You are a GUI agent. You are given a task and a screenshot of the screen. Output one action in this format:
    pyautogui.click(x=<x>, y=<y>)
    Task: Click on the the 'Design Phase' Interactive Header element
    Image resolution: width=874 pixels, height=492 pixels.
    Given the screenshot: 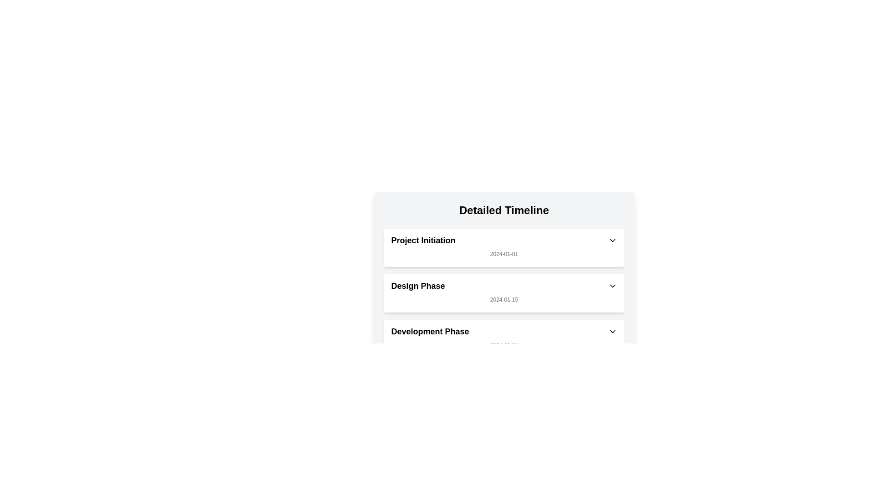 What is the action you would take?
    pyautogui.click(x=503, y=286)
    